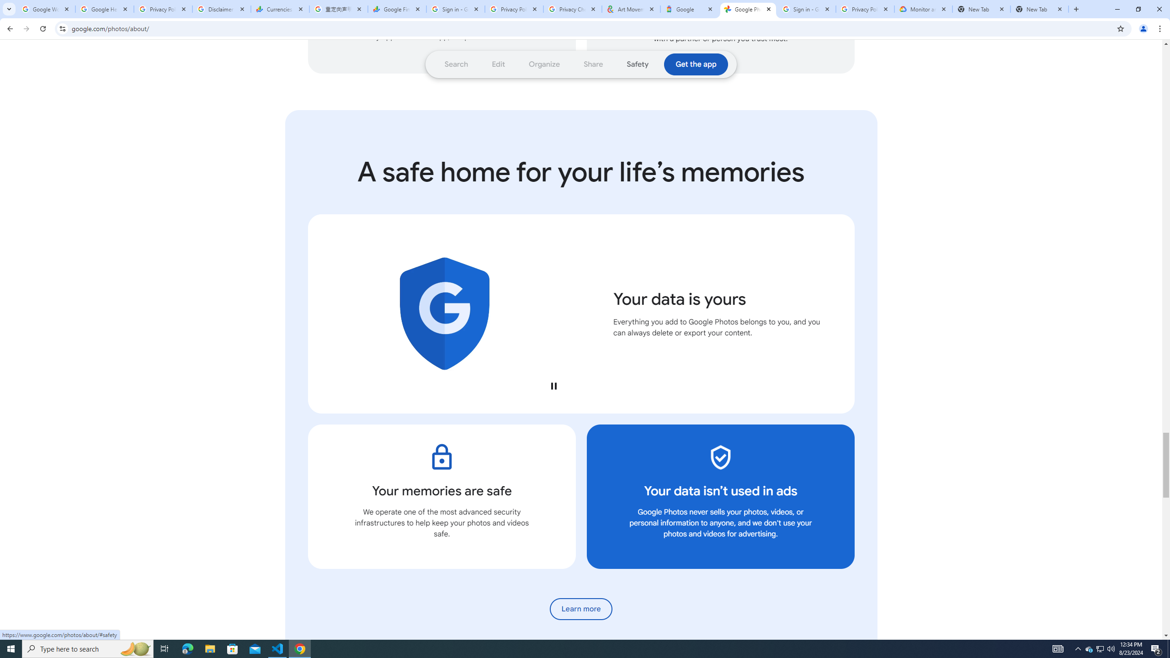 The width and height of the screenshot is (1170, 658). Describe the element at coordinates (456, 64) in the screenshot. I see `'Go to section: Search'` at that location.